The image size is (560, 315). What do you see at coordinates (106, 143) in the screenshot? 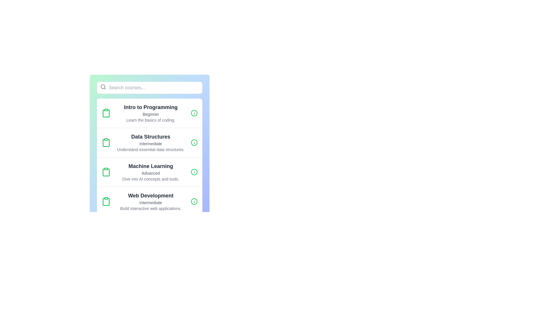
I see `the context of the clipboard icon indicating activity or confirmation, located on the left side of the 'Data Structures' entry in the list` at bounding box center [106, 143].